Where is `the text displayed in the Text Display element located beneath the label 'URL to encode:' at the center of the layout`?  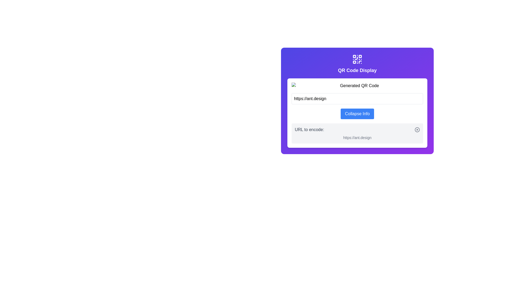
the text displayed in the Text Display element located beneath the label 'URL to encode:' at the center of the layout is located at coordinates (357, 137).